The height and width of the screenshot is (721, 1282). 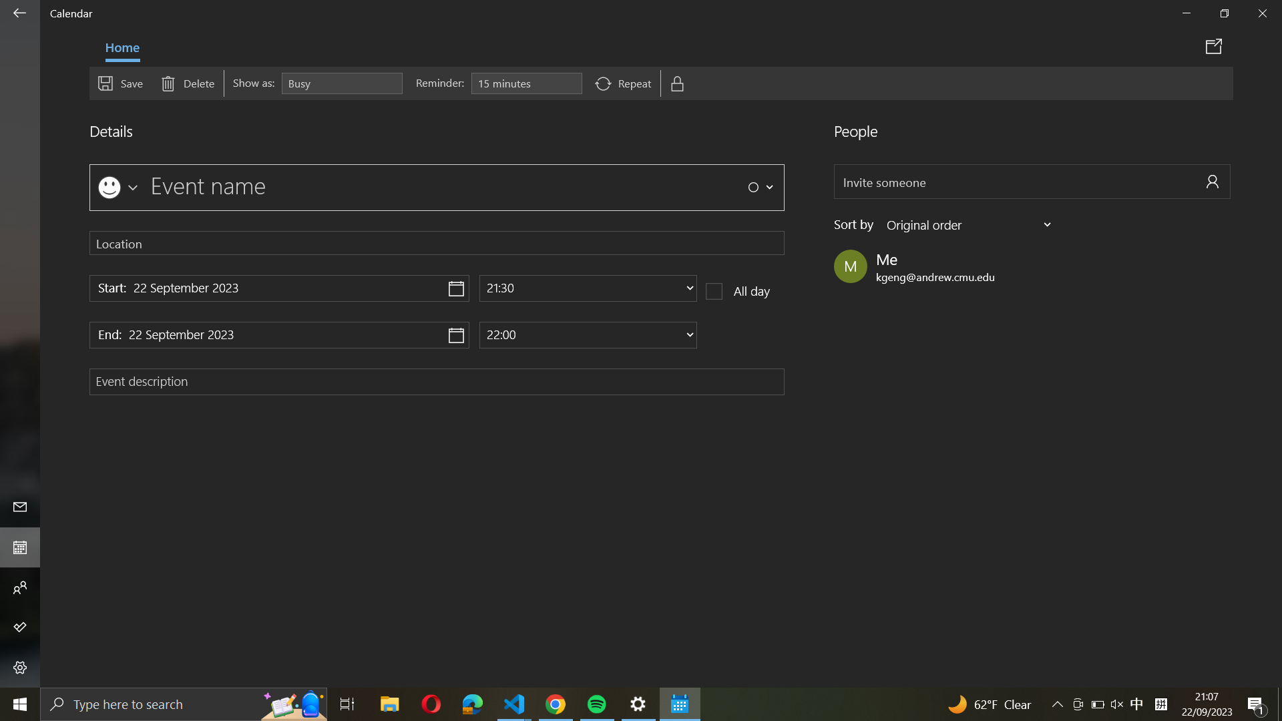 What do you see at coordinates (116, 185) in the screenshot?
I see `Create an event called "listen to music "with music emoji` at bounding box center [116, 185].